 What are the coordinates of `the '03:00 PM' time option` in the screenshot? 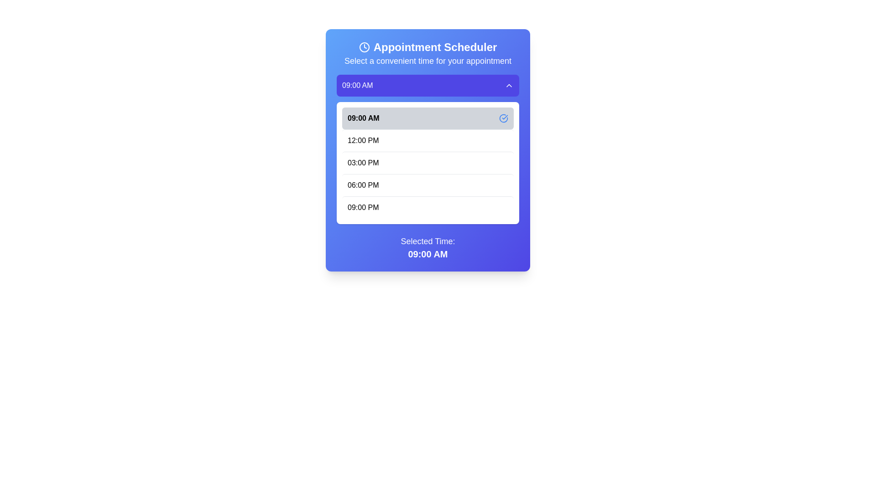 It's located at (427, 162).